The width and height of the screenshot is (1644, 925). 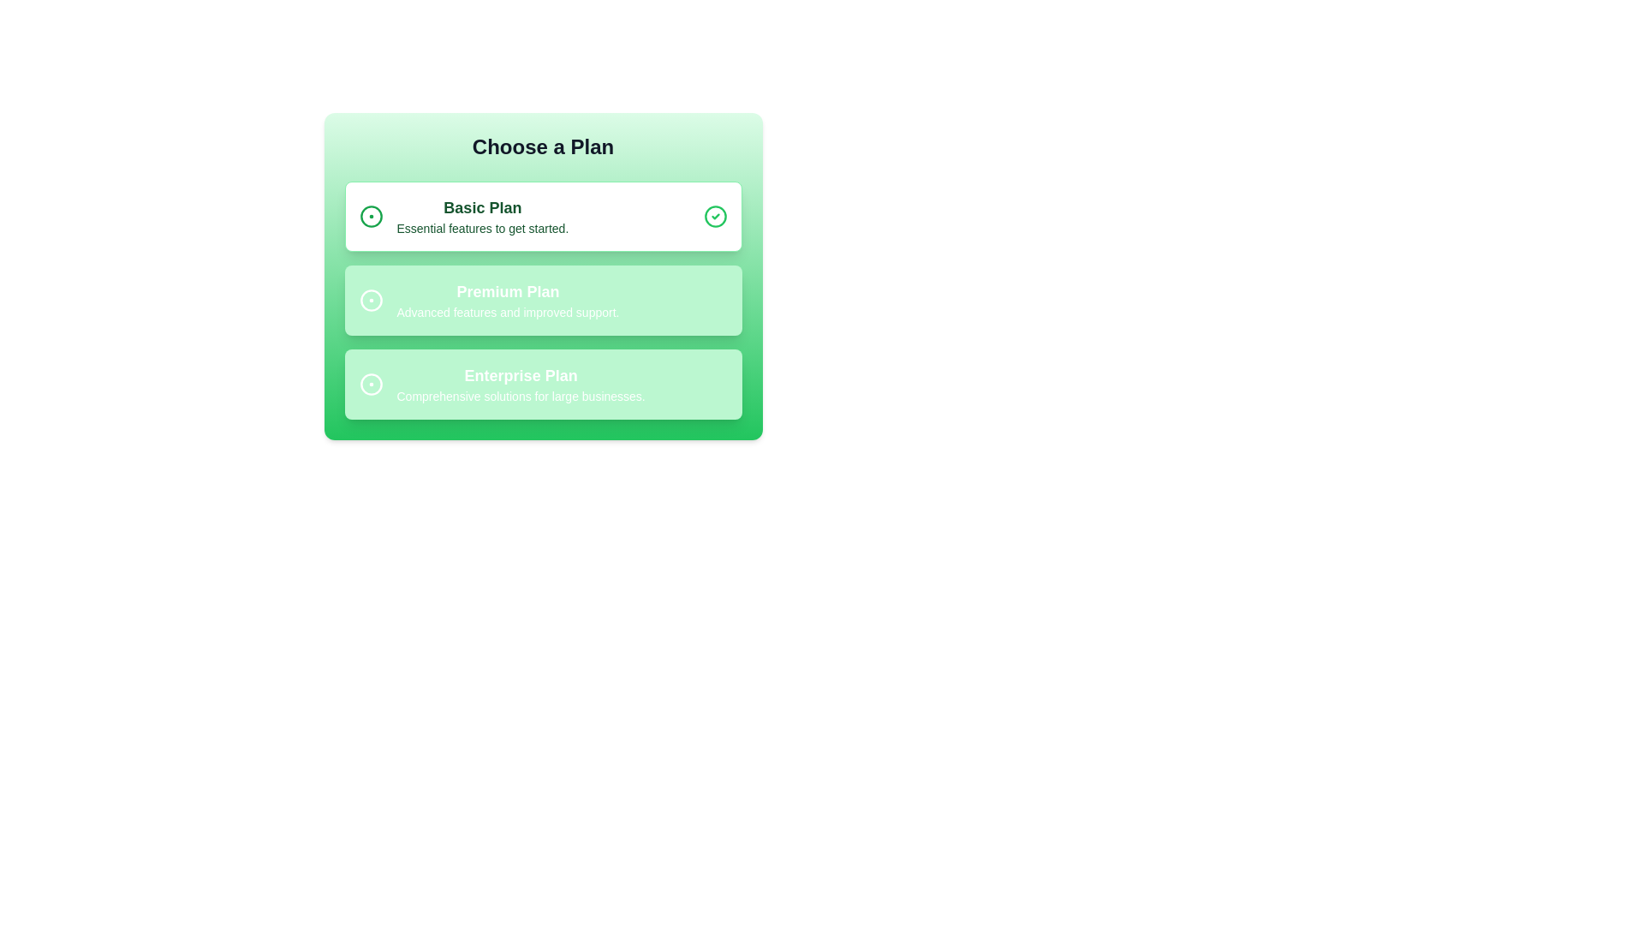 What do you see at coordinates (715, 216) in the screenshot?
I see `the Circle element in the SVG icon that indicates selection for the 'Basic Plan' option, located at the rightmost position of the option row` at bounding box center [715, 216].